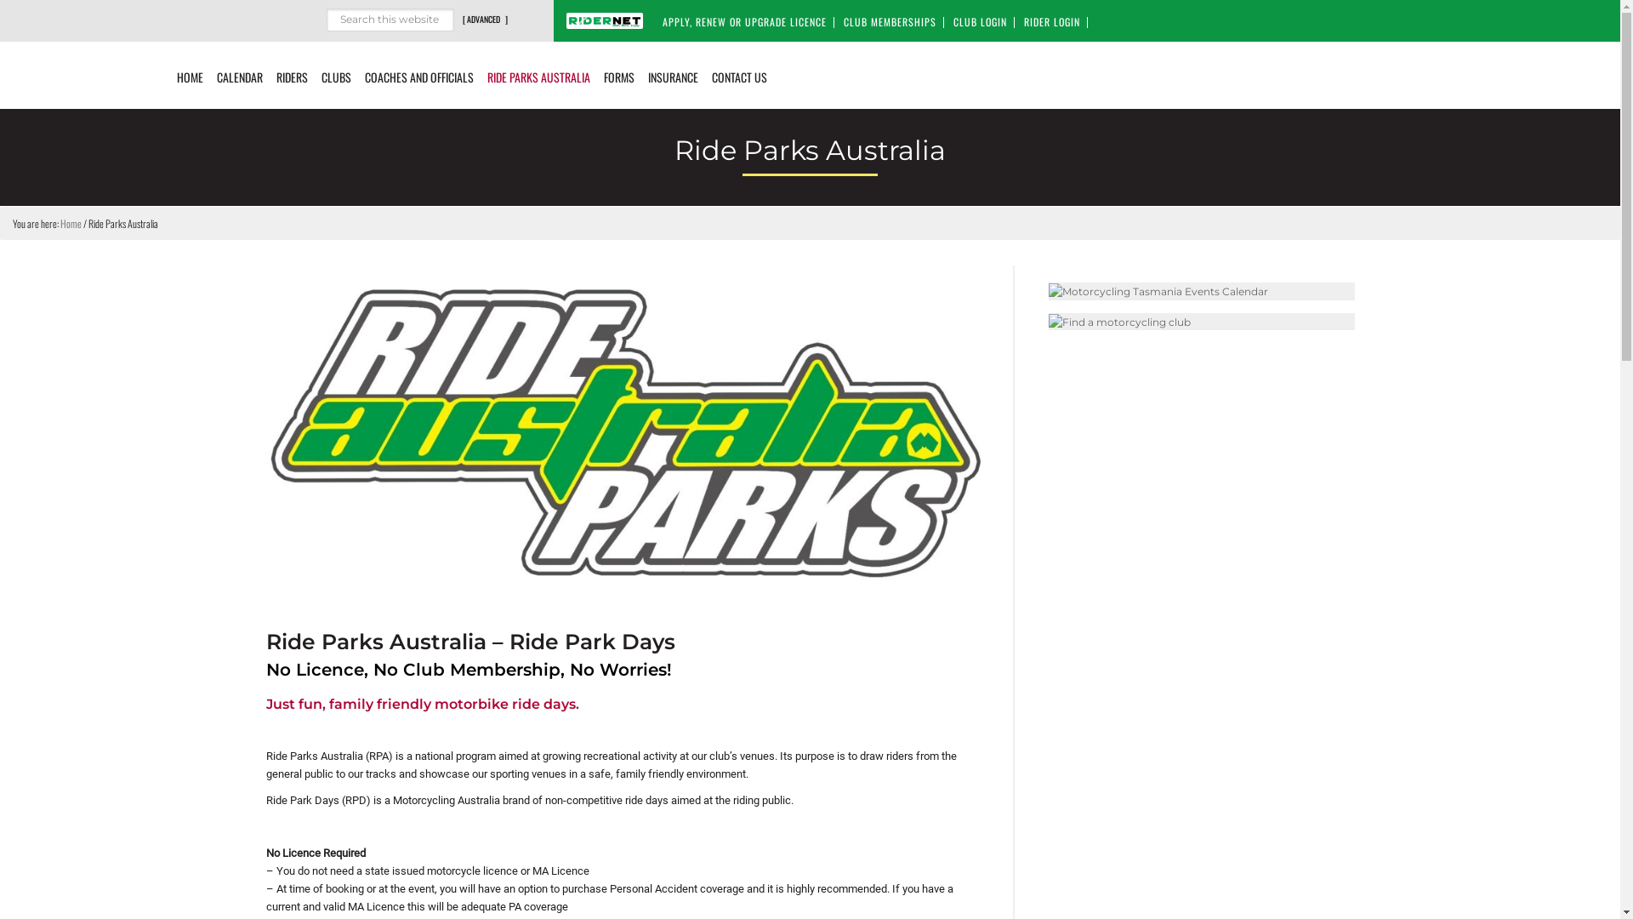  I want to click on 'RIDE PARKS AUSTRALIA', so click(538, 74).